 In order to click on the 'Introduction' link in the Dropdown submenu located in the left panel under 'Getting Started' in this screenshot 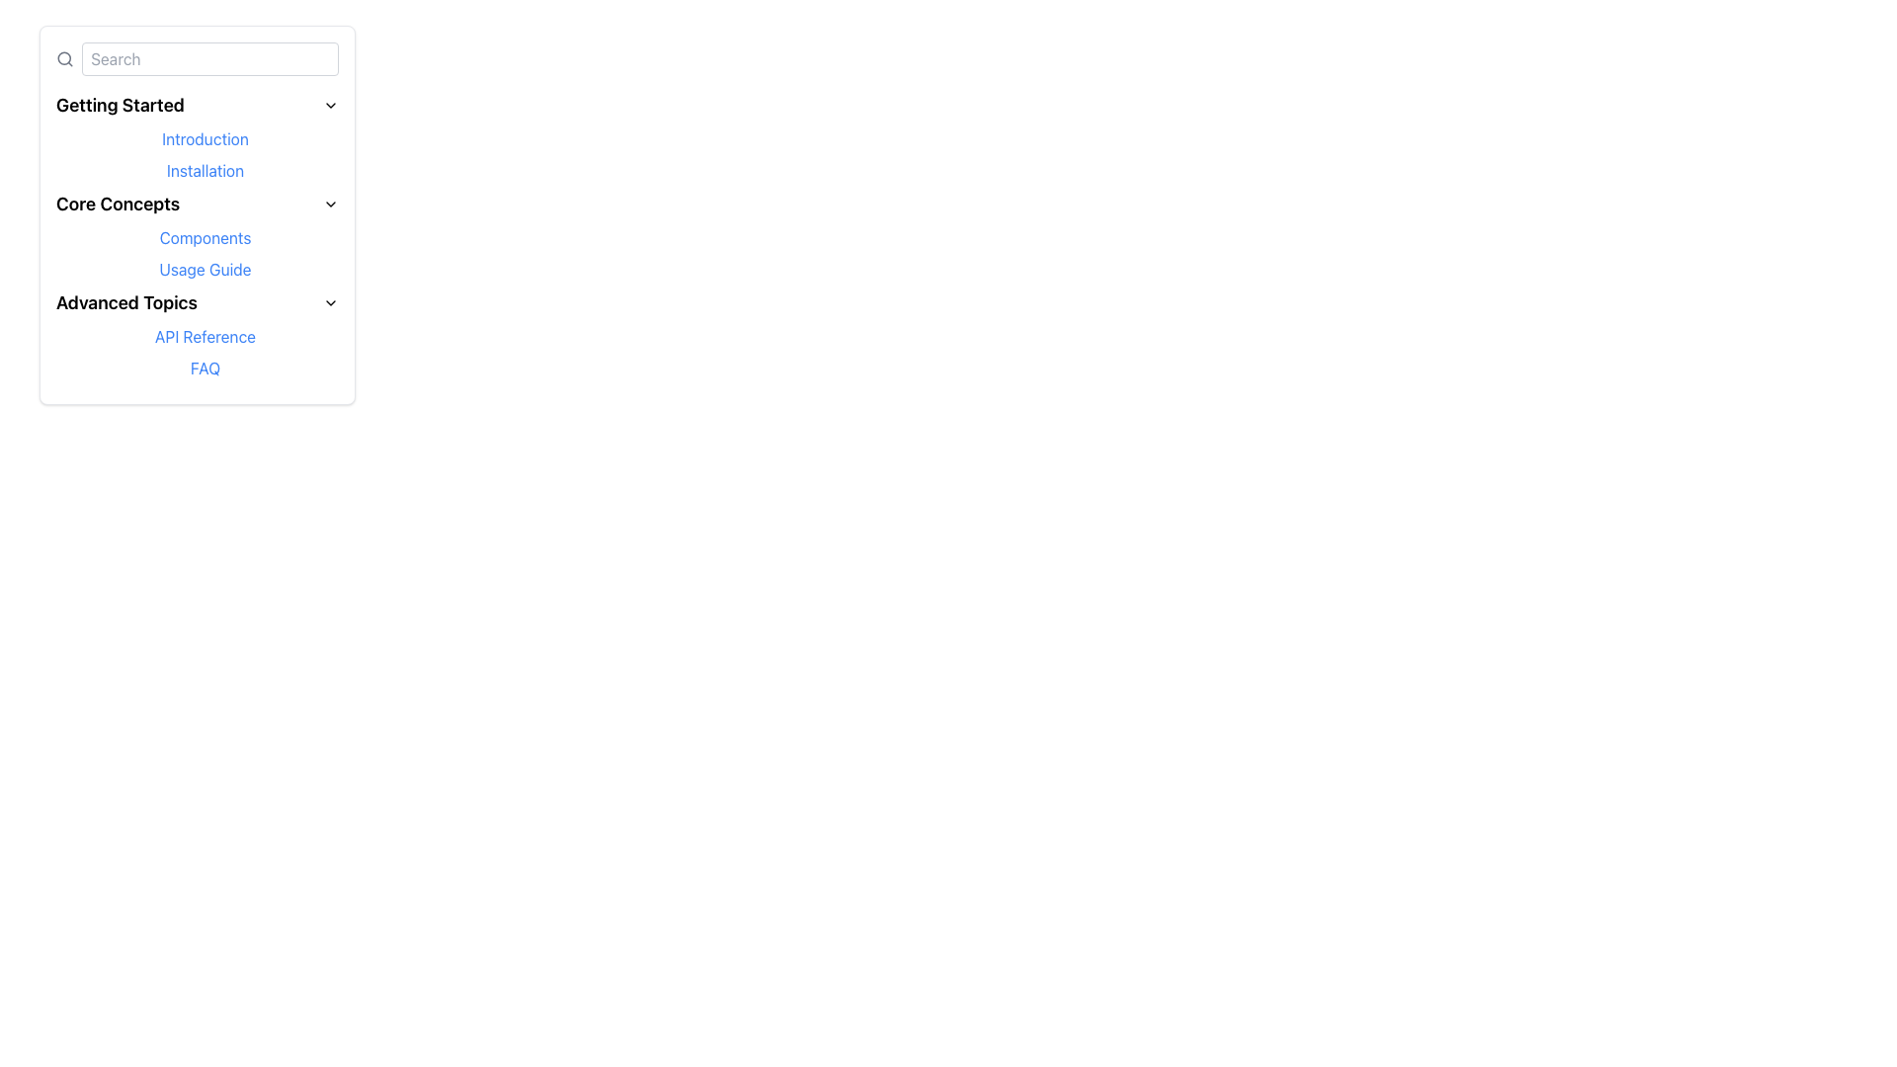, I will do `click(198, 135)`.